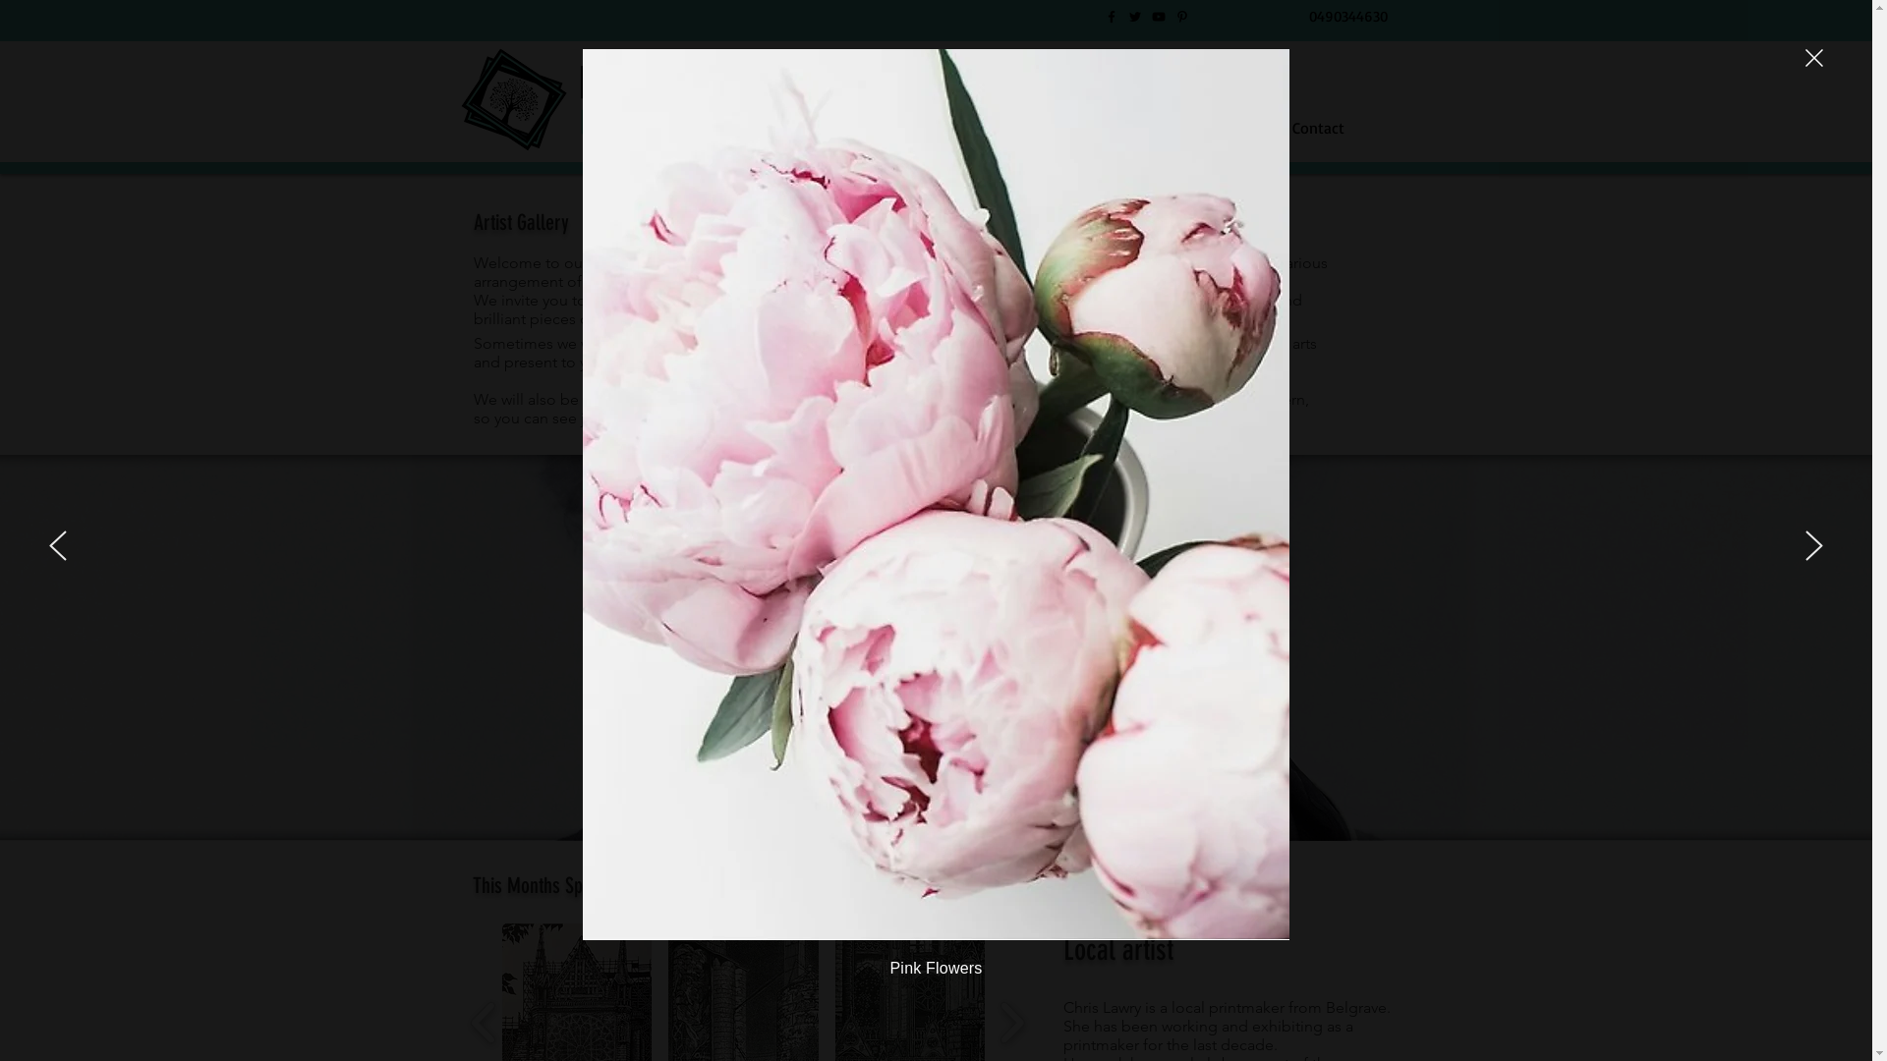 The height and width of the screenshot is (1061, 1887). What do you see at coordinates (972, 127) in the screenshot?
I see `'Services'` at bounding box center [972, 127].